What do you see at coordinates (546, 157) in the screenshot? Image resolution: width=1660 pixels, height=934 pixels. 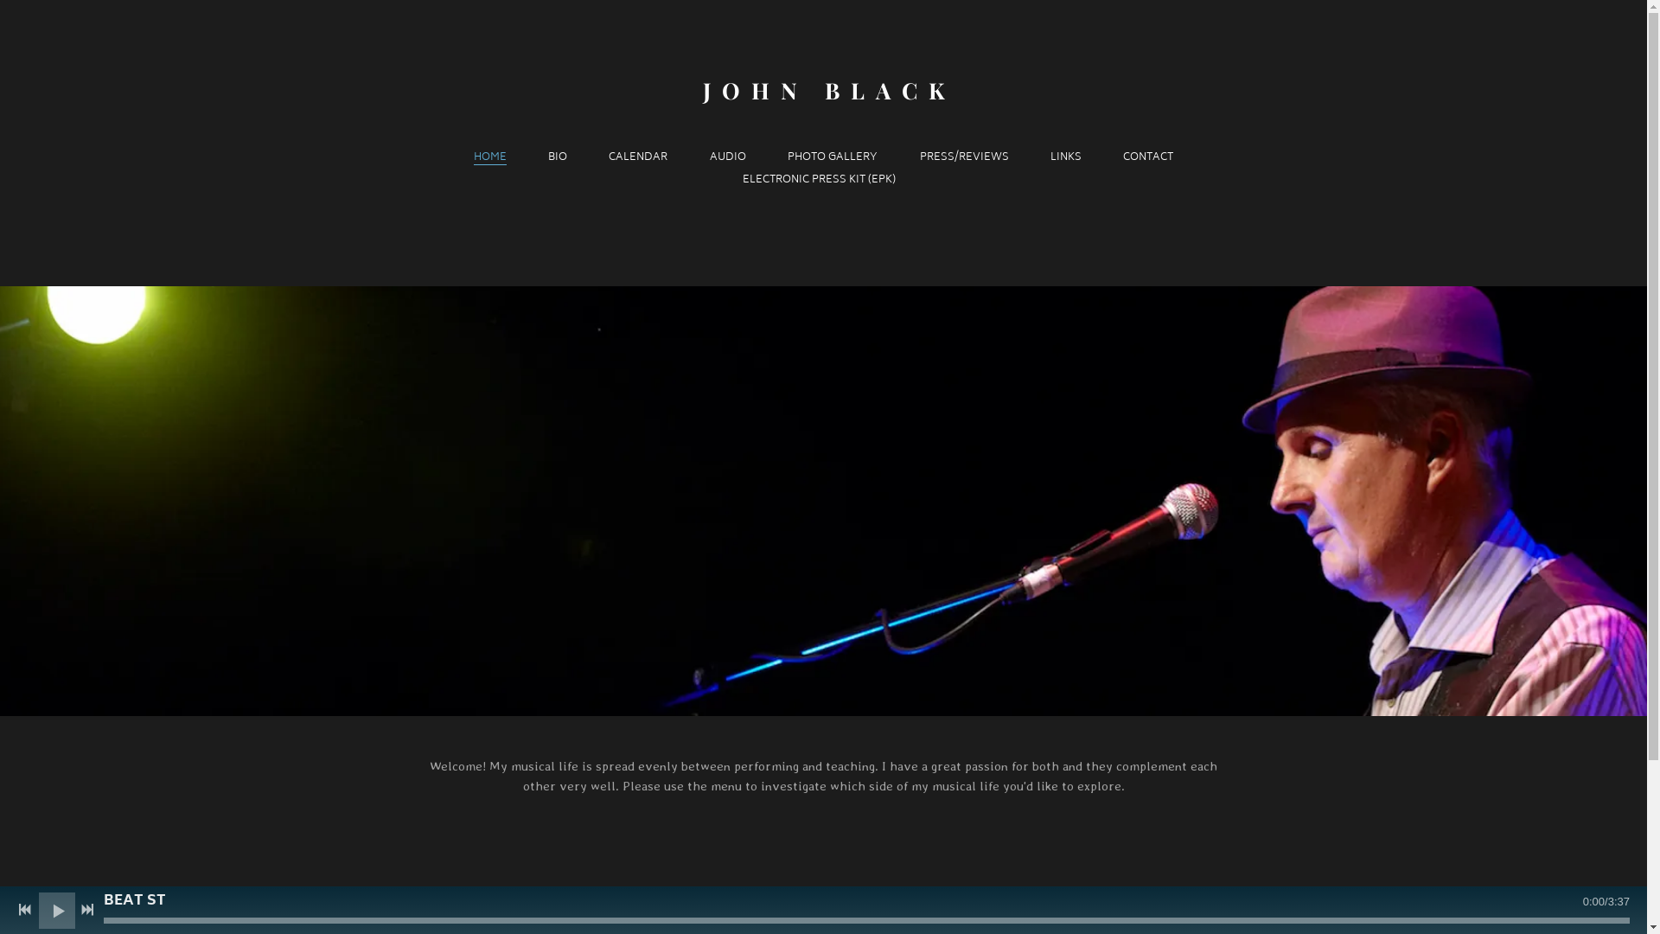 I see `'BIO'` at bounding box center [546, 157].